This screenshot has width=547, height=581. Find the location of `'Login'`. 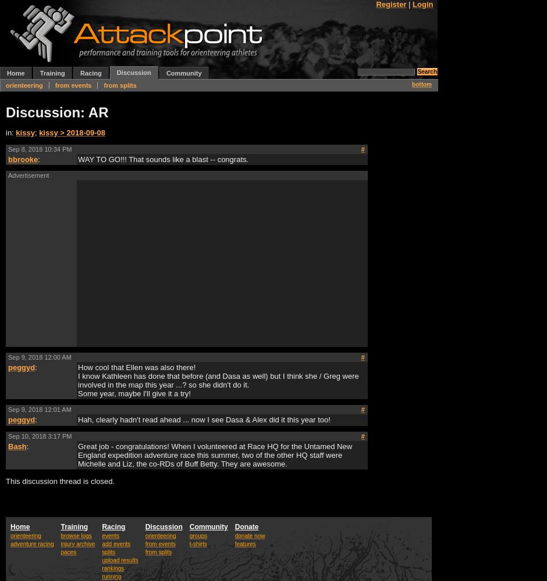

'Login' is located at coordinates (413, 4).